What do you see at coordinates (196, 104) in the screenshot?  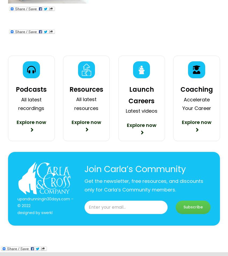 I see `'Accelerate Your Career'` at bounding box center [196, 104].